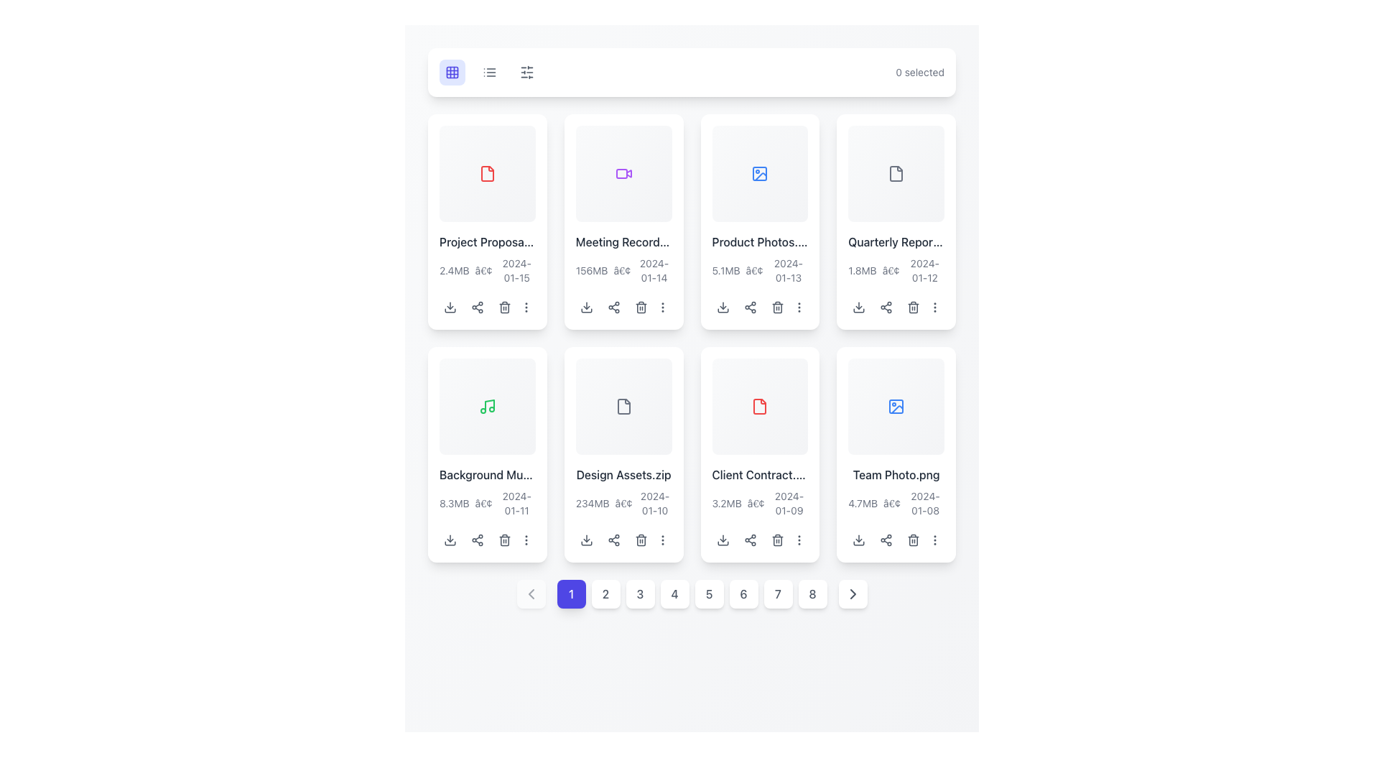  What do you see at coordinates (622, 270) in the screenshot?
I see `the decorative bullet point element that visually separates '156MB' and '2024-01-14' in the text line below the 'Meeting Record...' card in the second column of the grid layout` at bounding box center [622, 270].